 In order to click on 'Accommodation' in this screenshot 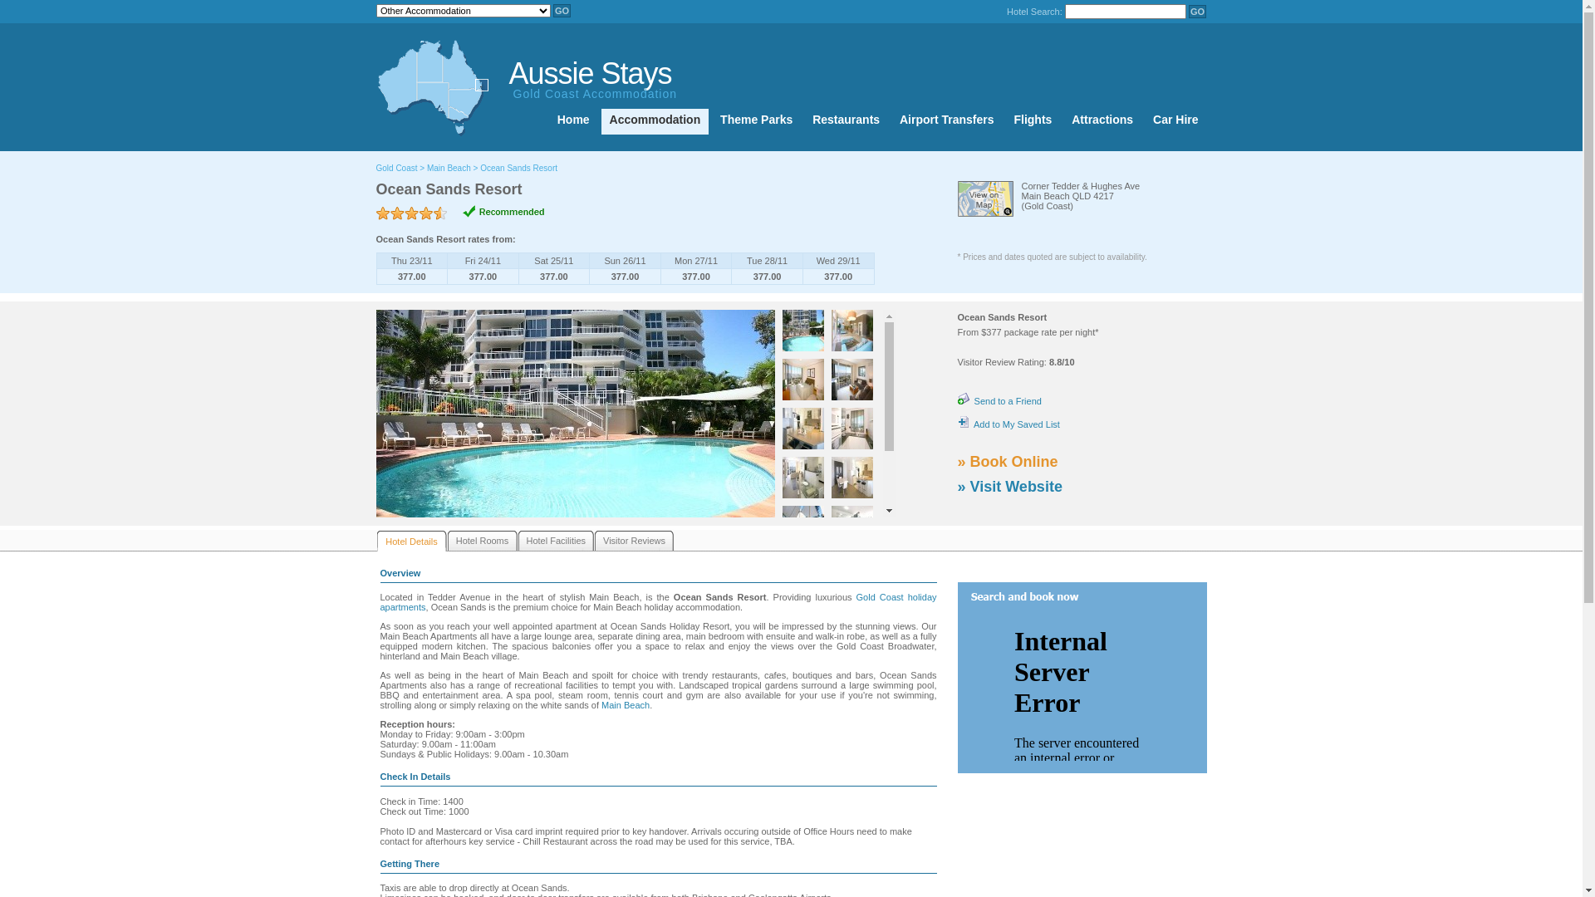, I will do `click(654, 120)`.